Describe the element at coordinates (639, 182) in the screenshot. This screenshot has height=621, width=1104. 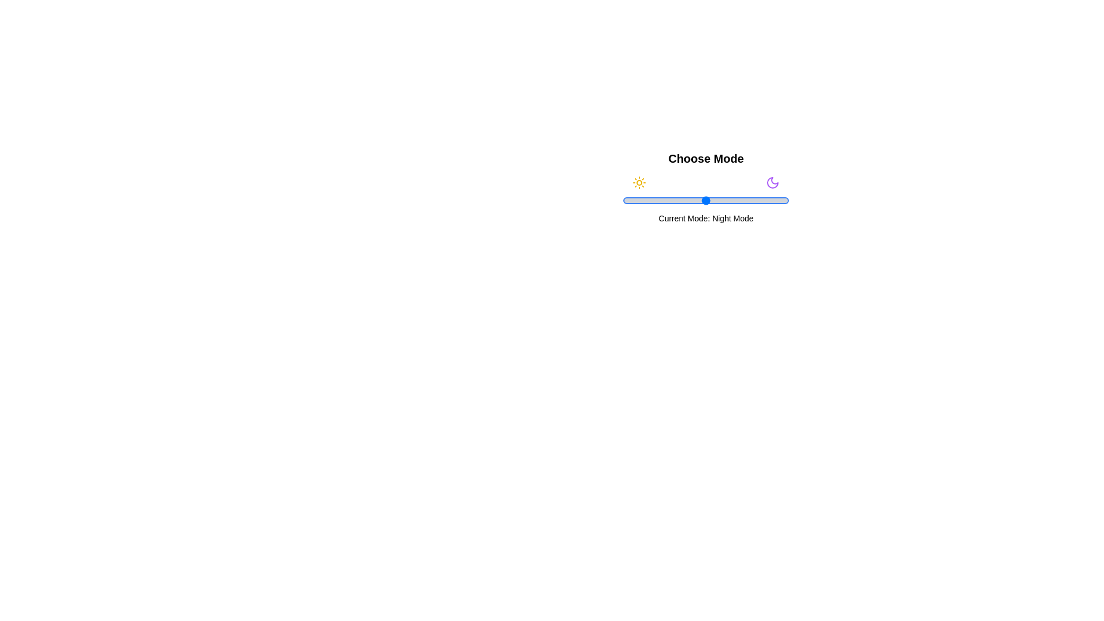
I see `the sun icon to switch to Day Mode` at that location.